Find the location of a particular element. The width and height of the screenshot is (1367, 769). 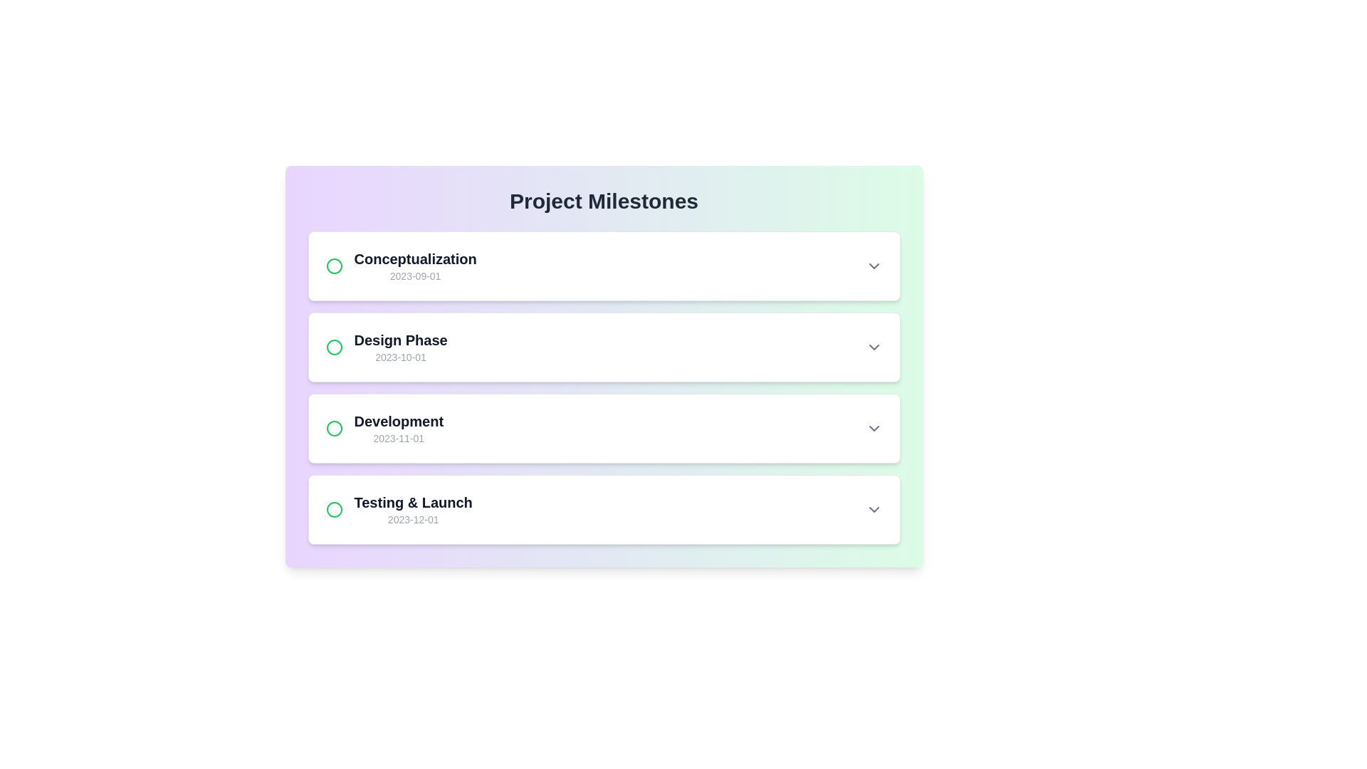

the toggle icon located to the right of the 'Conceptualization' milestone label is located at coordinates (873, 266).